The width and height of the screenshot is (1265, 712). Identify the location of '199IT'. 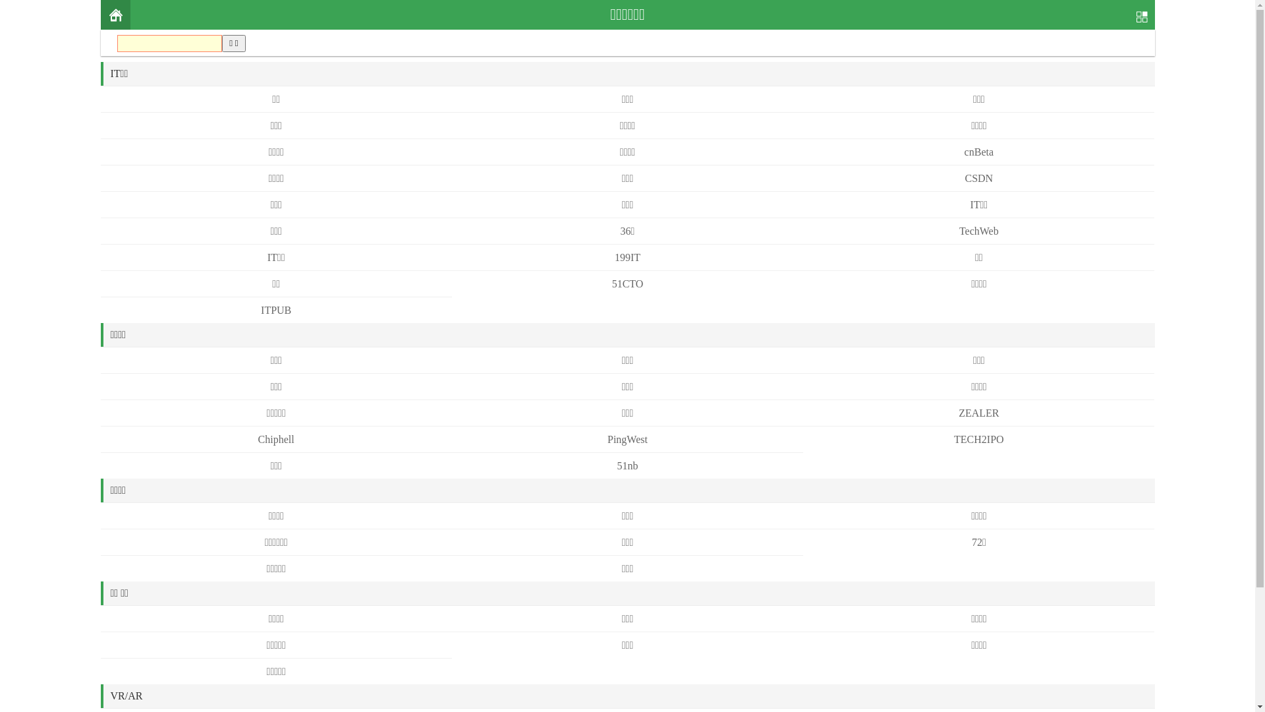
(627, 257).